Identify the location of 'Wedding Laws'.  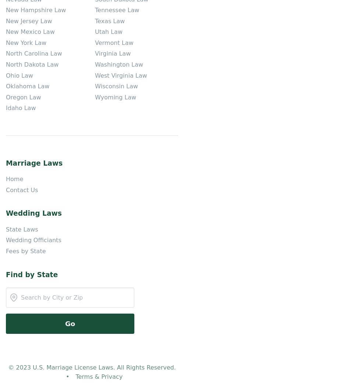
(6, 213).